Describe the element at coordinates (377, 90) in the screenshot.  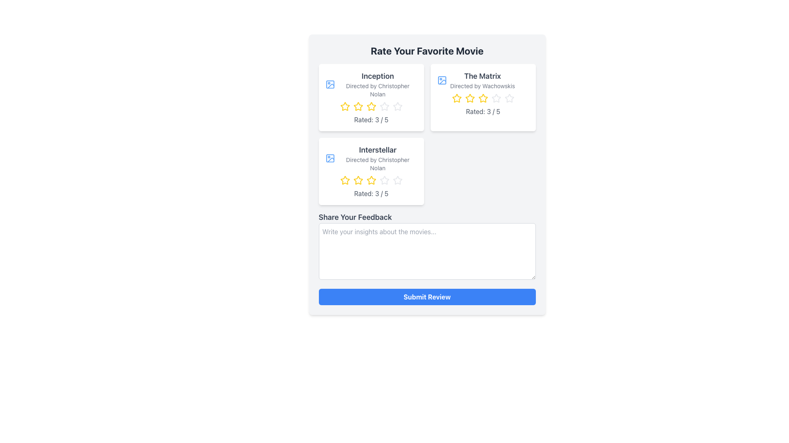
I see `the text label that reads 'Directed by Christopher Nolan', which is styled in a small gray font and located below the title 'Inception' within the top-left movie card` at that location.